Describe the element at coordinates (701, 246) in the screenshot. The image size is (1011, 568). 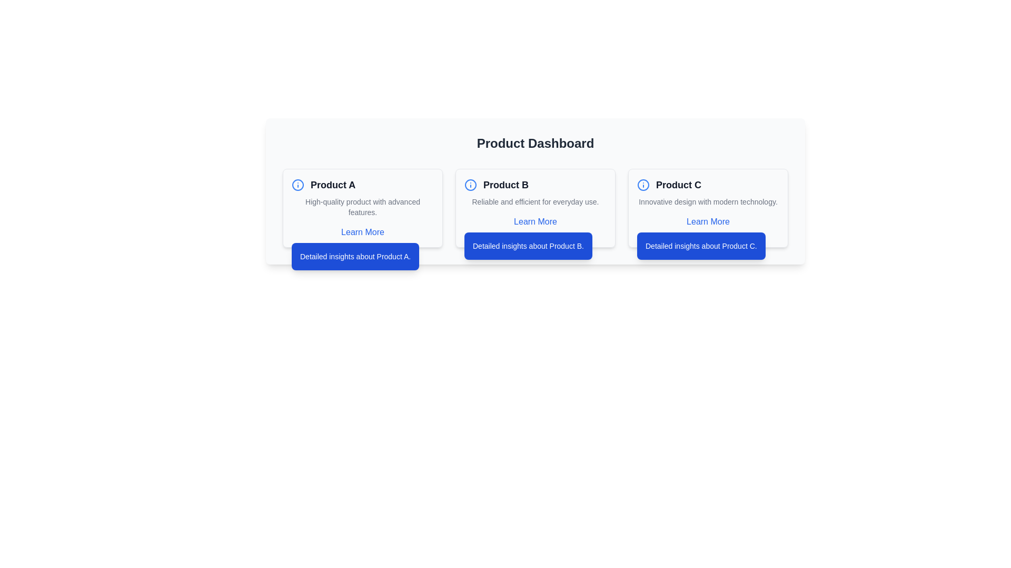
I see `the Tooltip that provides additional information about 'Product C' positioned below the 'Learn More' link` at that location.